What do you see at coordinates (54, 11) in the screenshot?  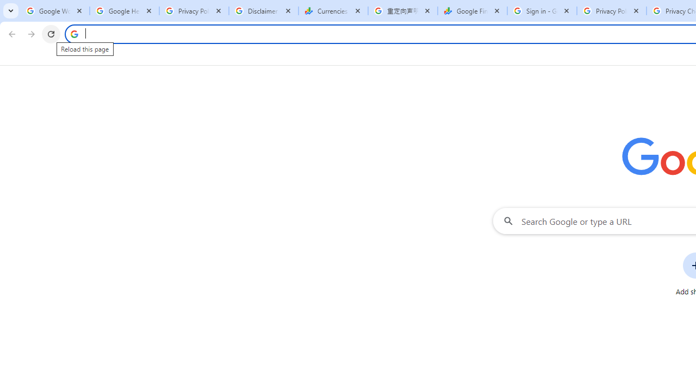 I see `'Google Workspace Admin Community'` at bounding box center [54, 11].